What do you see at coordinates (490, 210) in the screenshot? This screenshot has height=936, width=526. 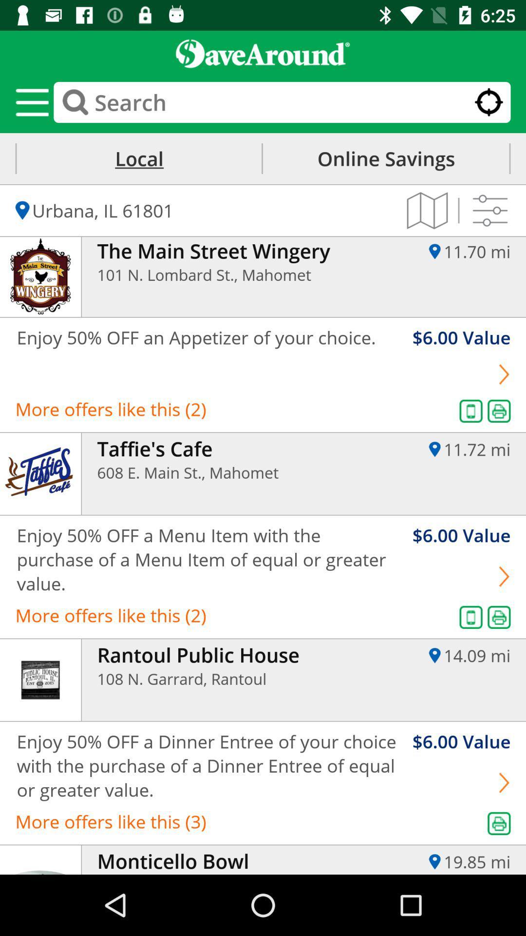 I see `the more icon which is above the text 1170 mi` at bounding box center [490, 210].